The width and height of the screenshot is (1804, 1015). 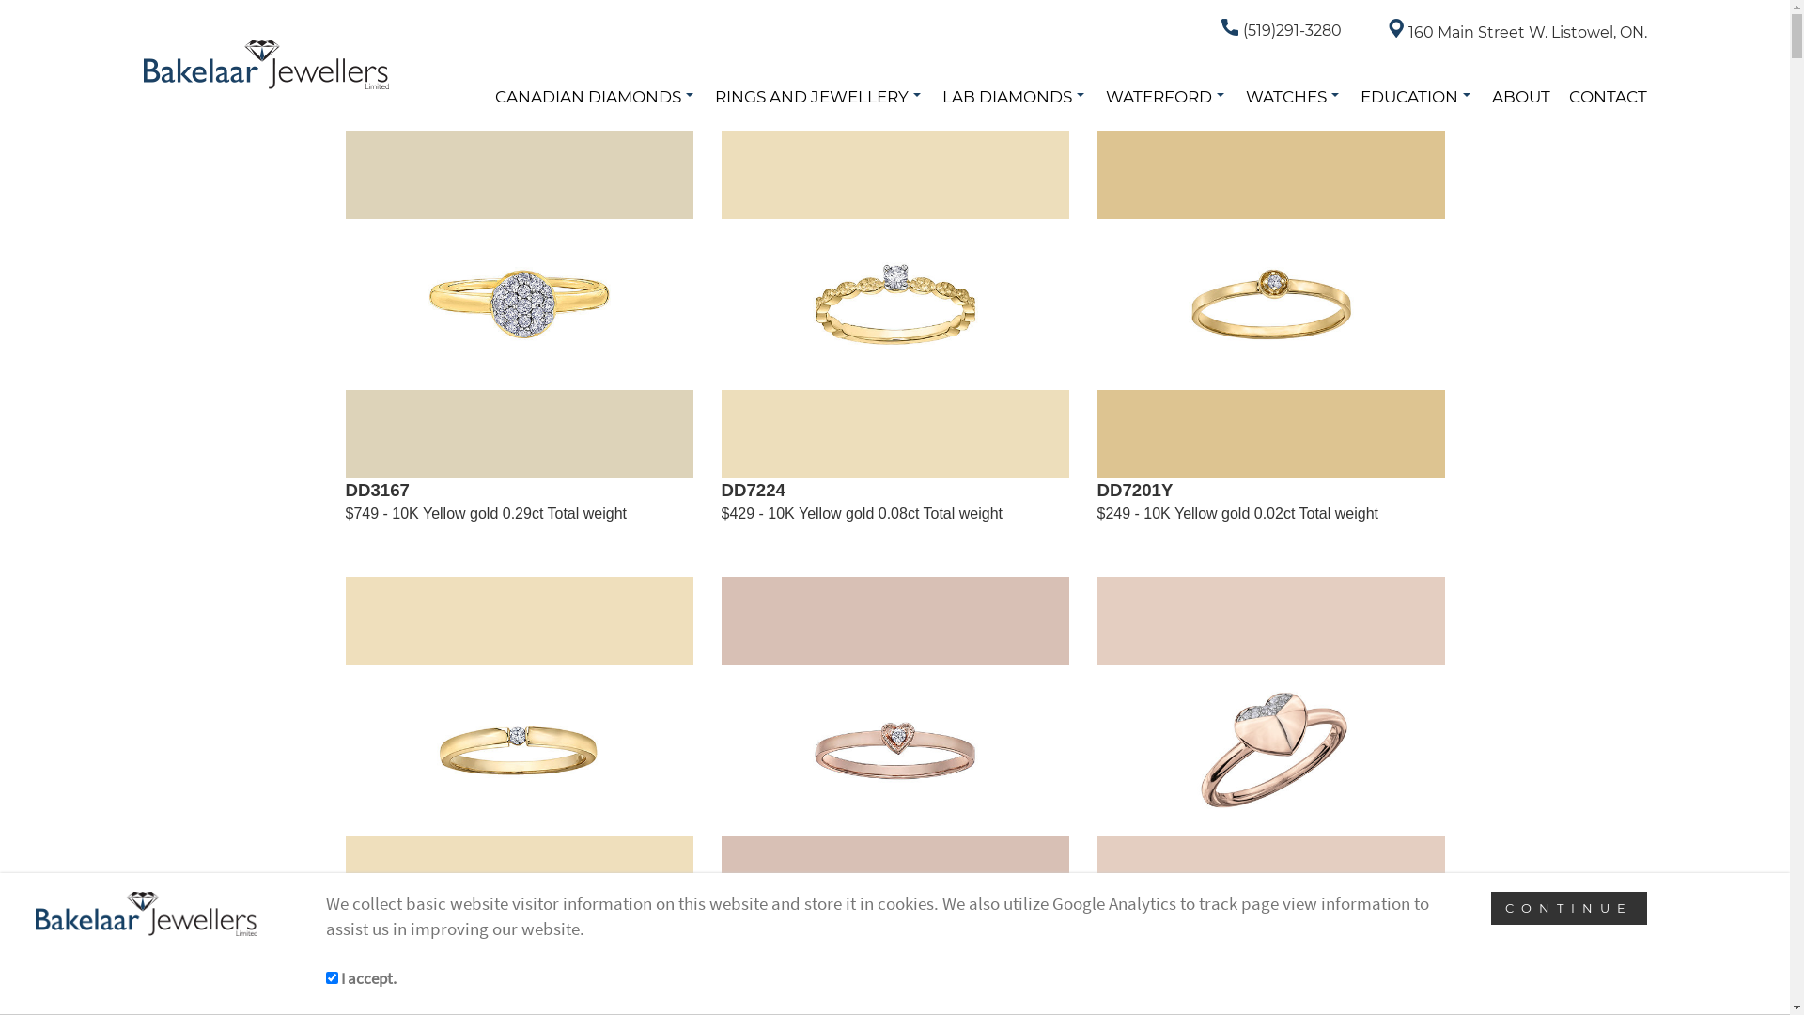 I want to click on 'CONTACT', so click(x=1607, y=97).